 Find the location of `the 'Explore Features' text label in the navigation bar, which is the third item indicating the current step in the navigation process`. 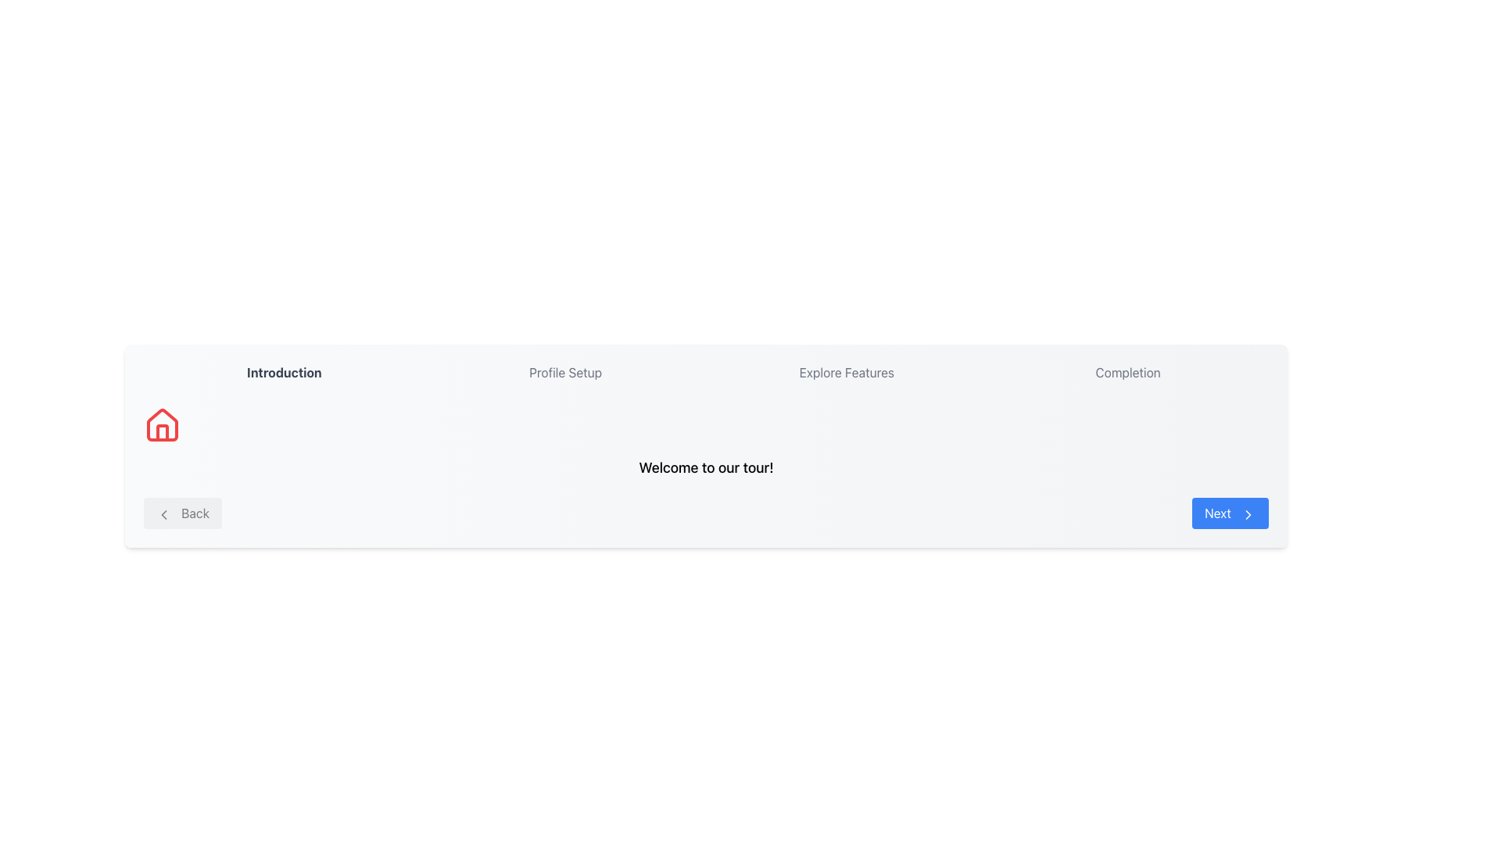

the 'Explore Features' text label in the navigation bar, which is the third item indicating the current step in the navigation process is located at coordinates (846, 373).